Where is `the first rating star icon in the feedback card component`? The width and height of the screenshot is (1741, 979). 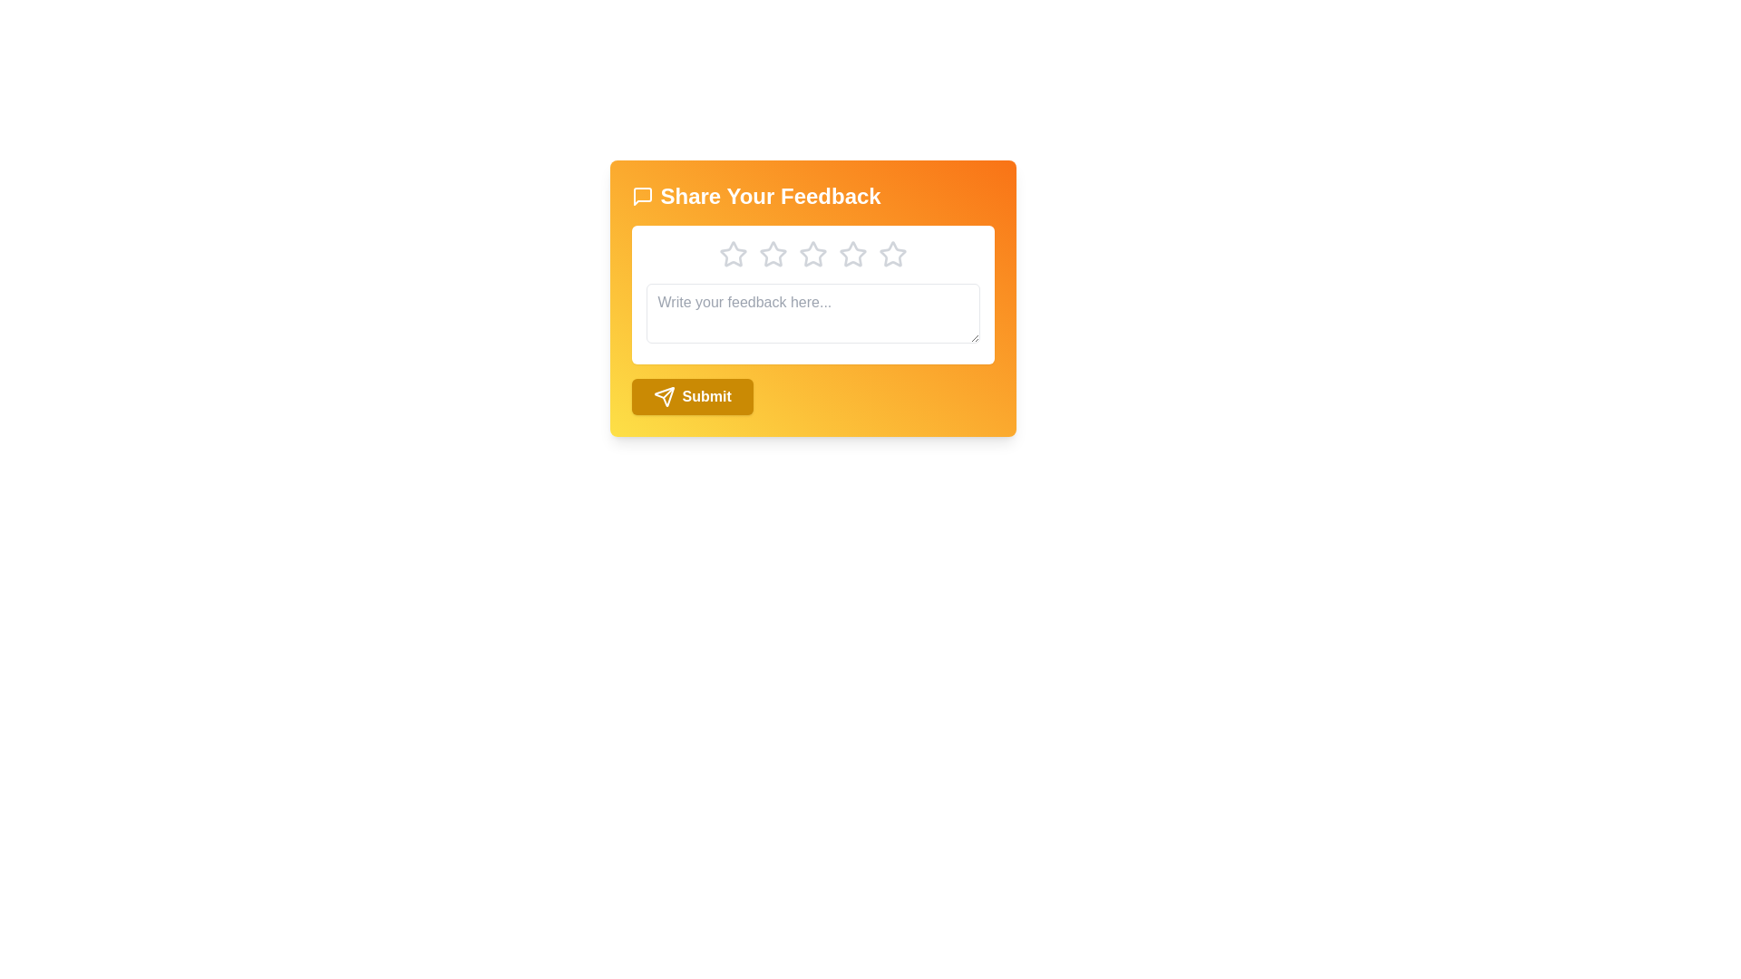
the first rating star icon in the feedback card component is located at coordinates (733, 255).